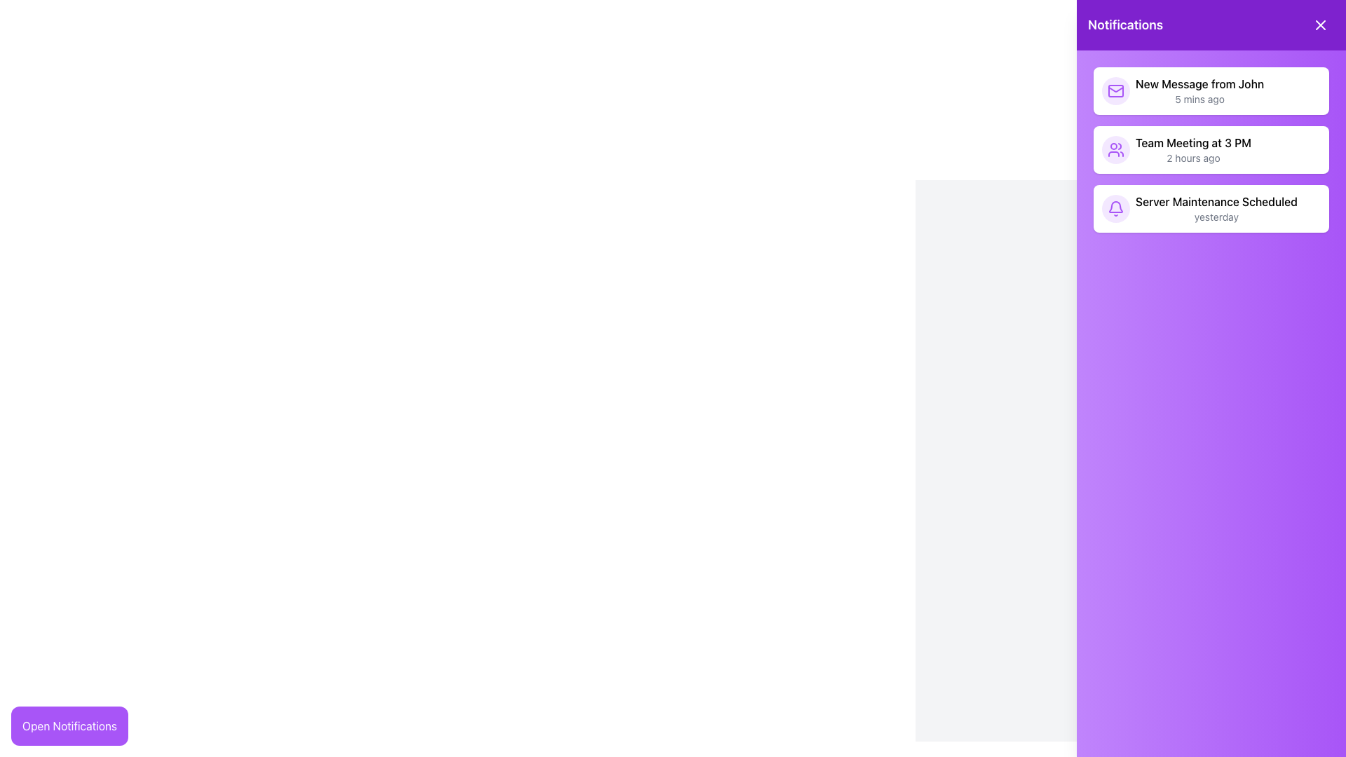 The width and height of the screenshot is (1346, 757). What do you see at coordinates (1211, 149) in the screenshot?
I see `the notification titled 'Team Meeting at 3 PM'` at bounding box center [1211, 149].